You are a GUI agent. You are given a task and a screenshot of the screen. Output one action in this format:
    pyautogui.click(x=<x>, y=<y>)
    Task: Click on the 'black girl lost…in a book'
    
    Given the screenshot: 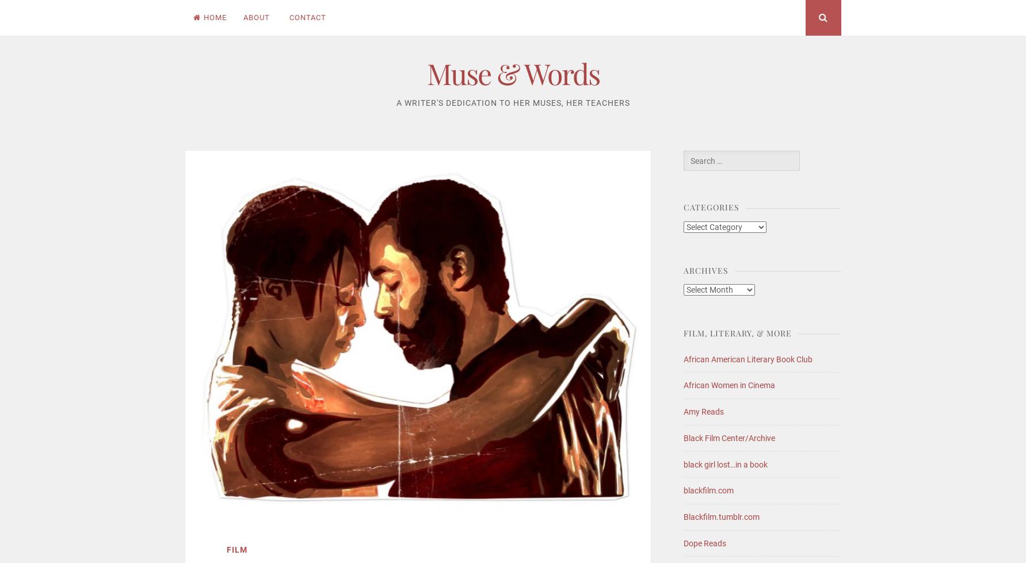 What is the action you would take?
    pyautogui.click(x=725, y=463)
    